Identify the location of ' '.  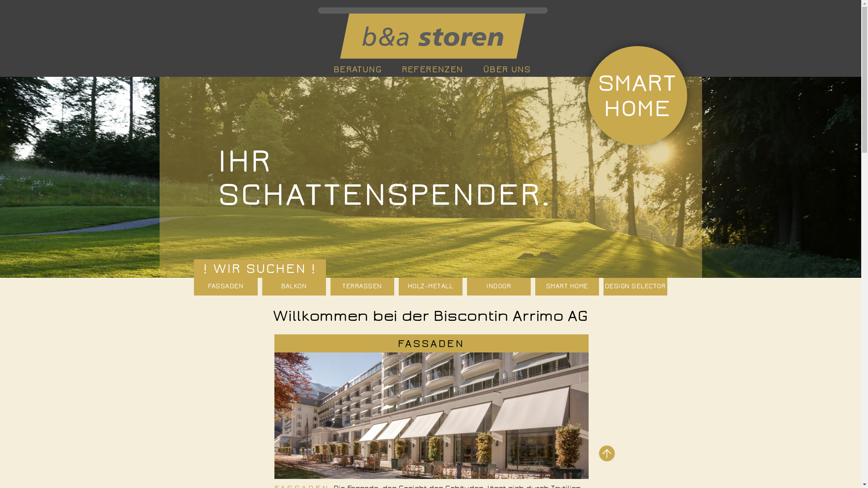
(430, 33).